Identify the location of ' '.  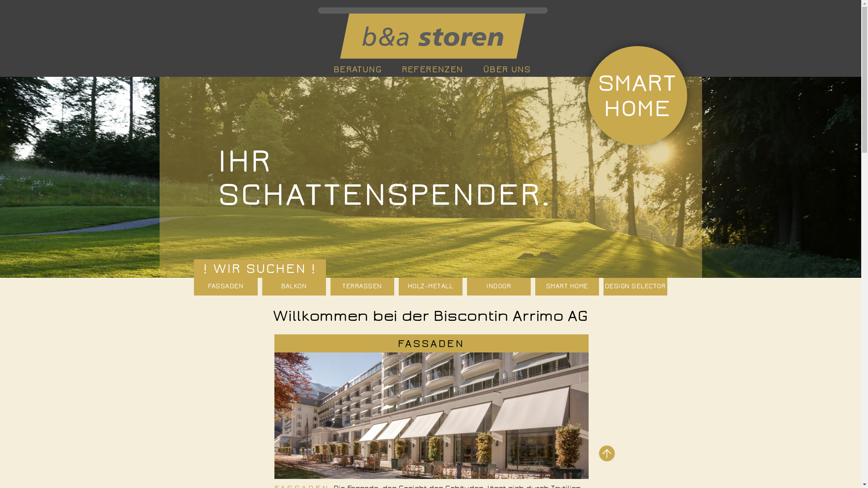
(430, 33).